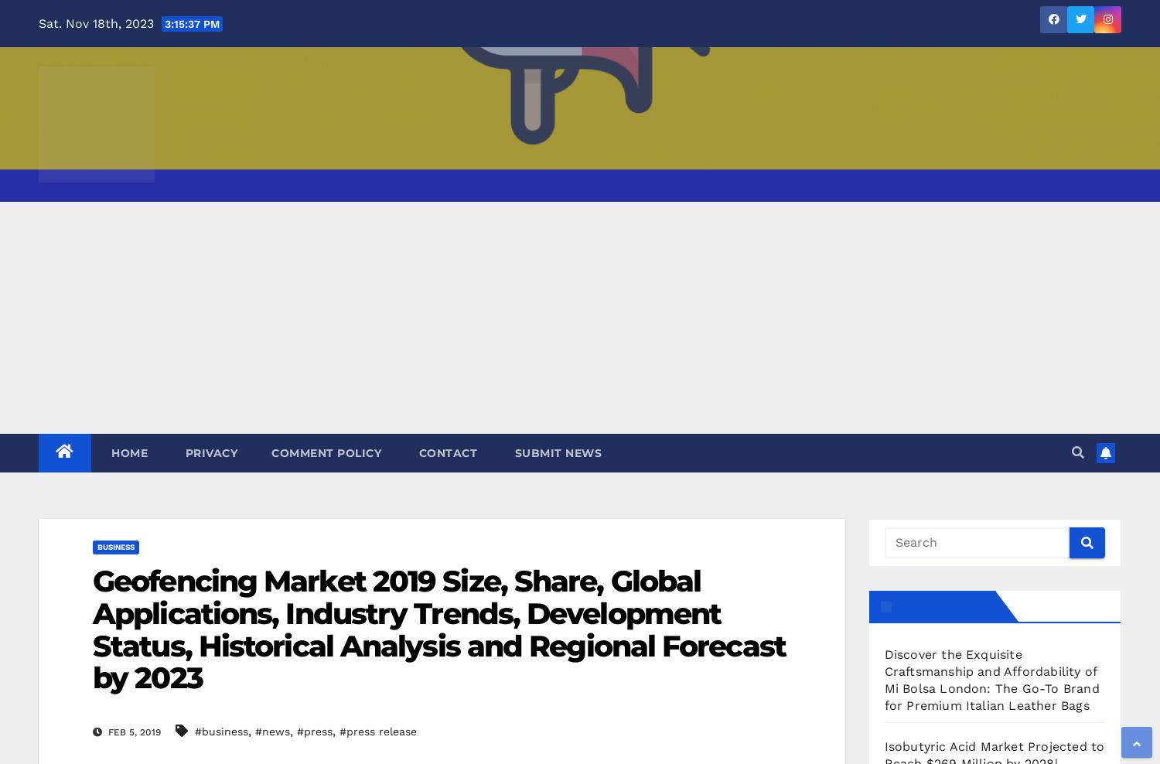 This screenshot has height=764, width=1160. I want to click on 'Submit News', so click(555, 452).